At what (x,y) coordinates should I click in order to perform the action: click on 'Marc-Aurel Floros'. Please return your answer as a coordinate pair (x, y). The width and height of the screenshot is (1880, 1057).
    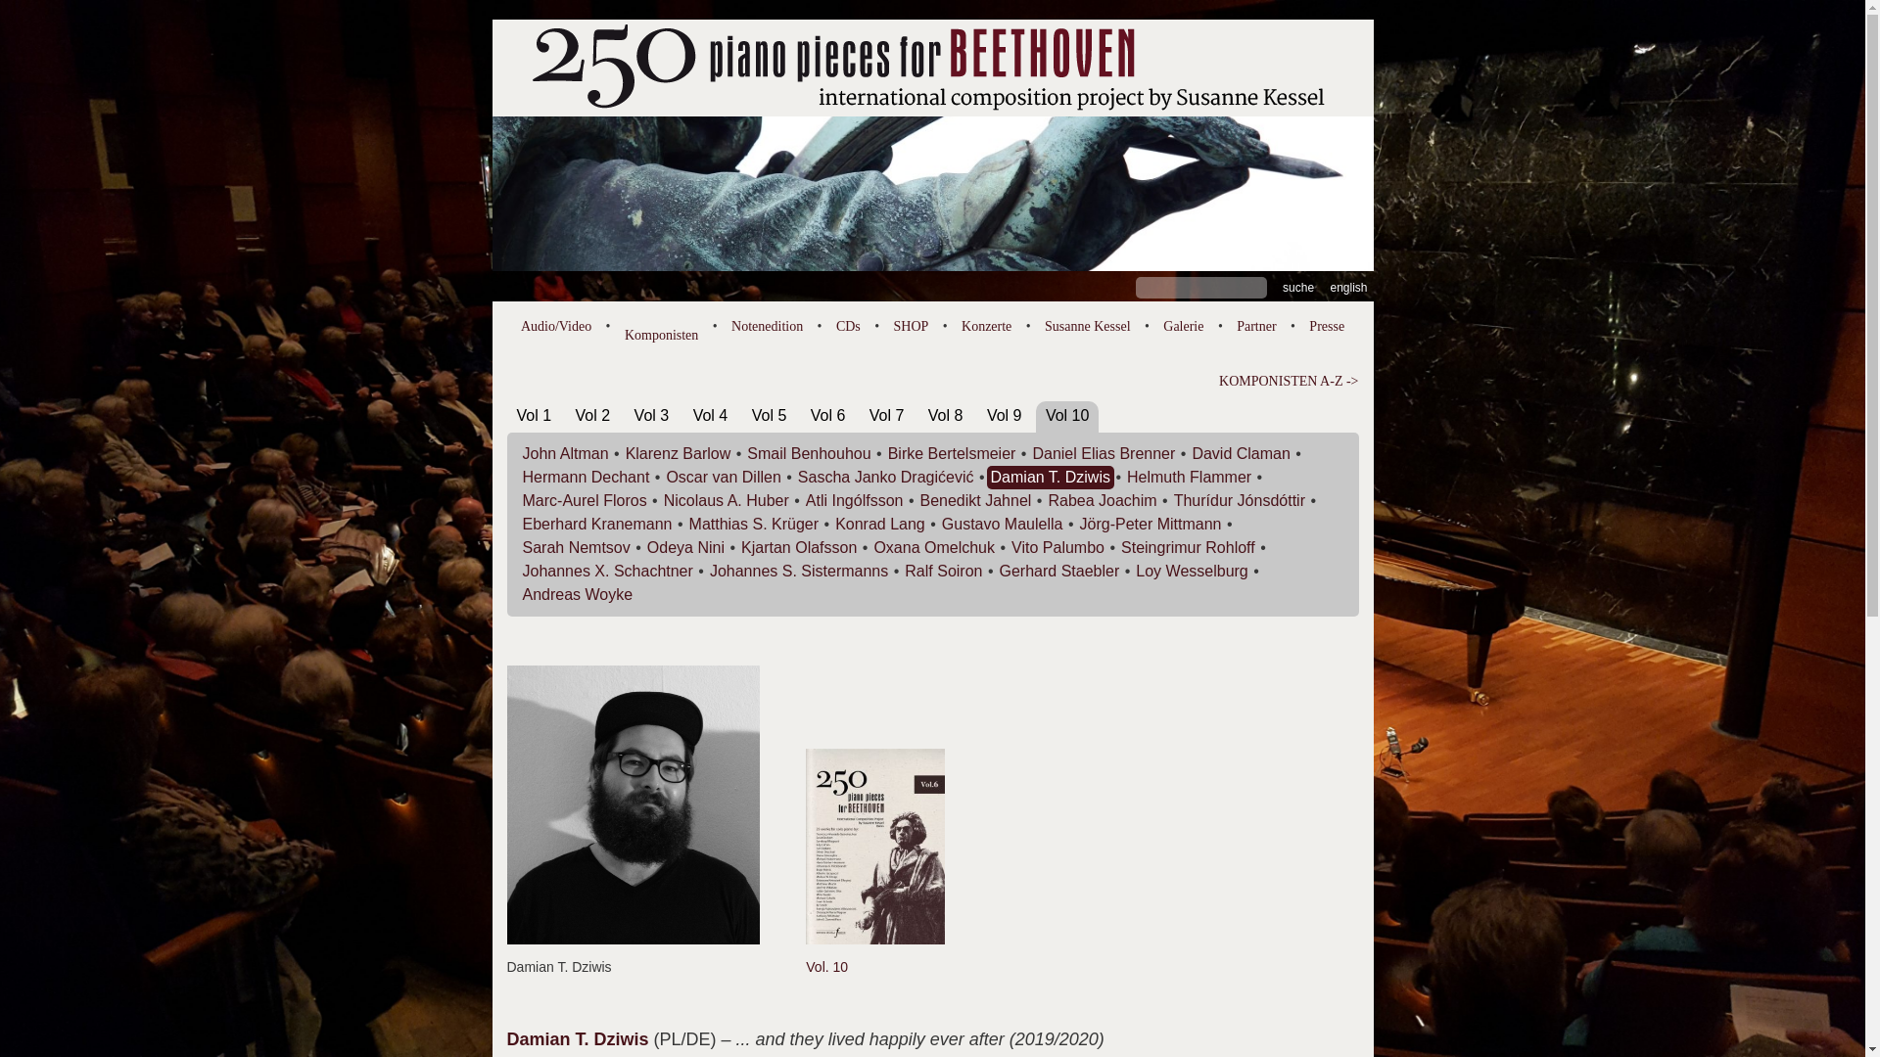
    Looking at the image, I should click on (584, 499).